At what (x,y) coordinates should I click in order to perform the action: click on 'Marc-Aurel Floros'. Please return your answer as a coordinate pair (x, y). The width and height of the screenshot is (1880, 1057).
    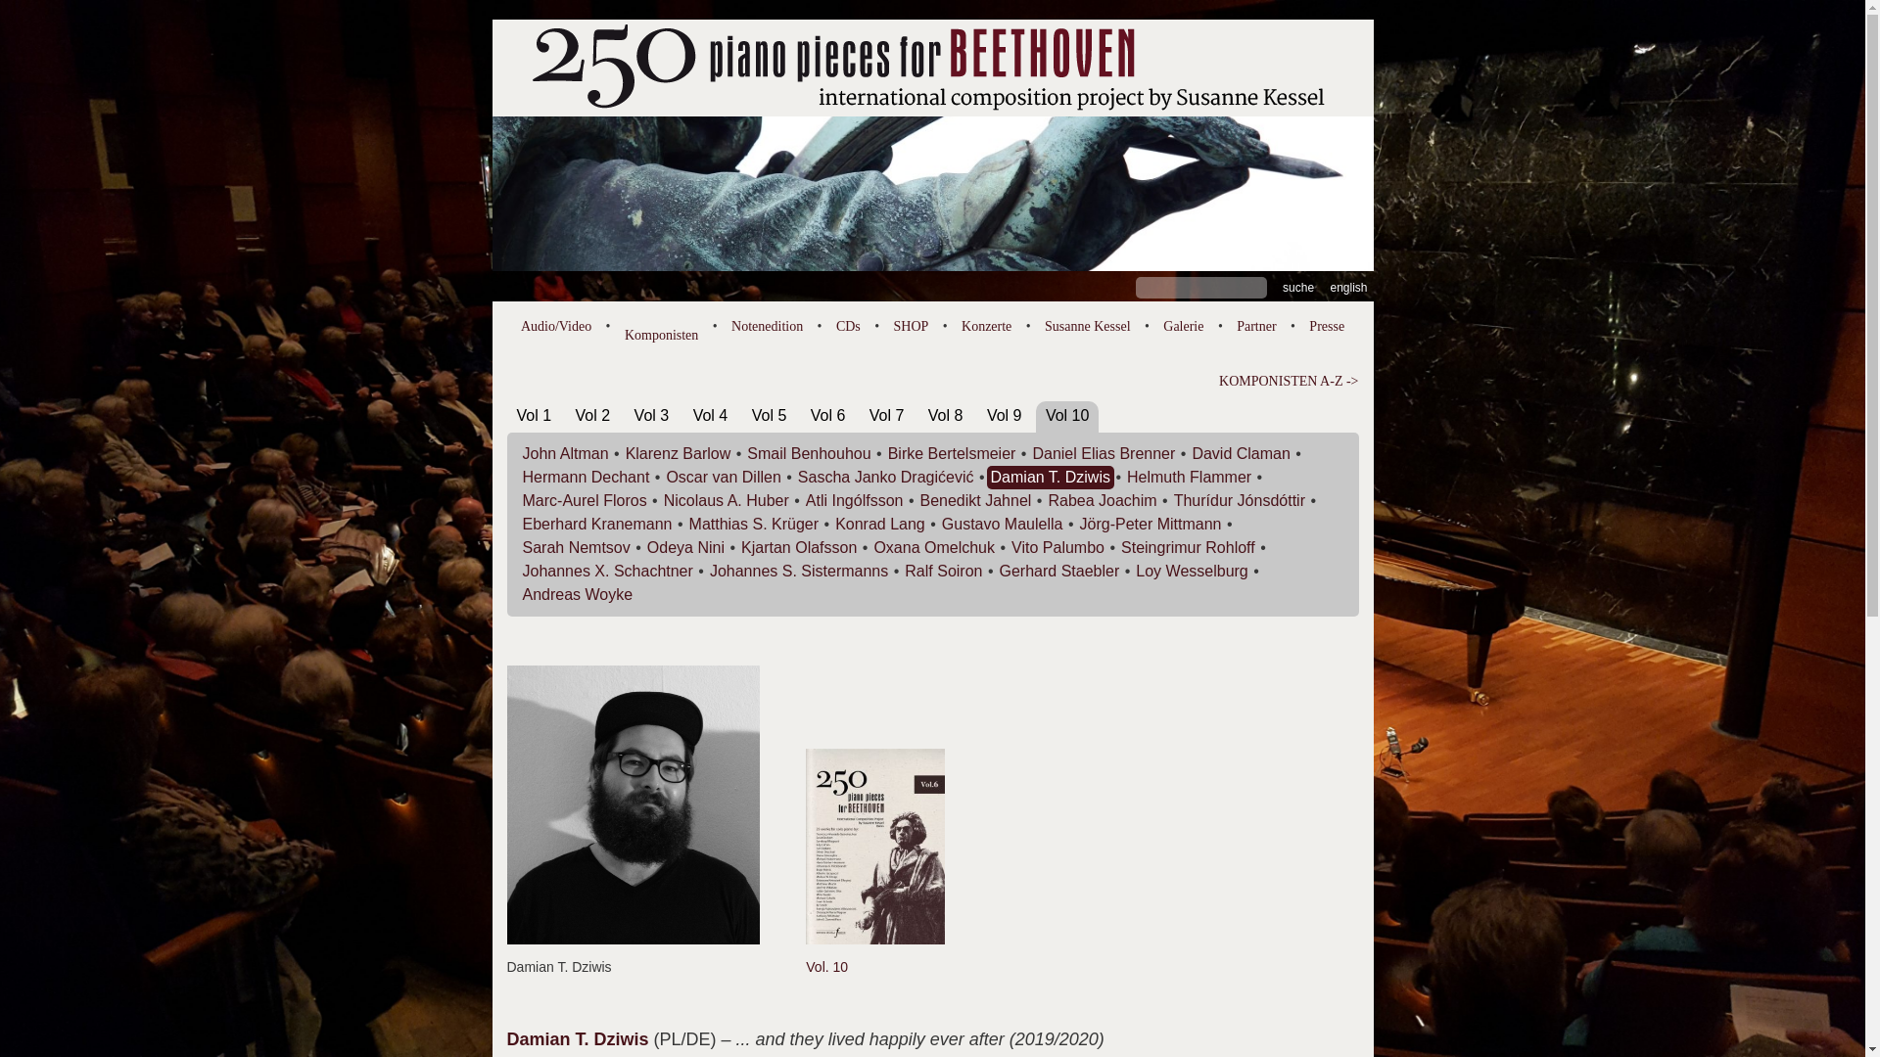
    Looking at the image, I should click on (584, 499).